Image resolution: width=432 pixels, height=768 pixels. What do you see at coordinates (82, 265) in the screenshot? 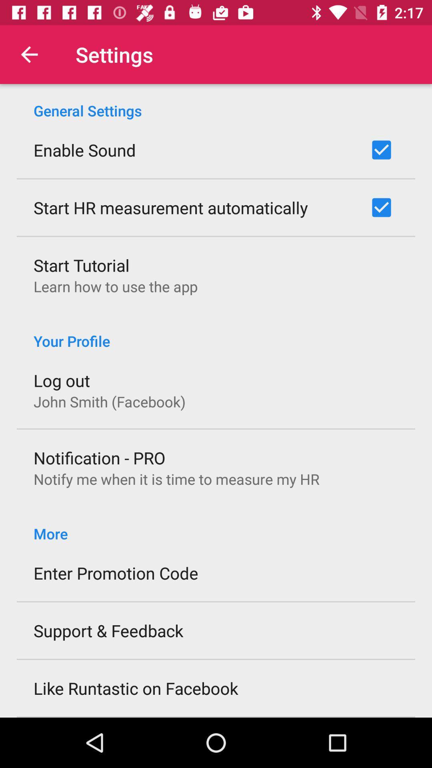
I see `start tutorial item` at bounding box center [82, 265].